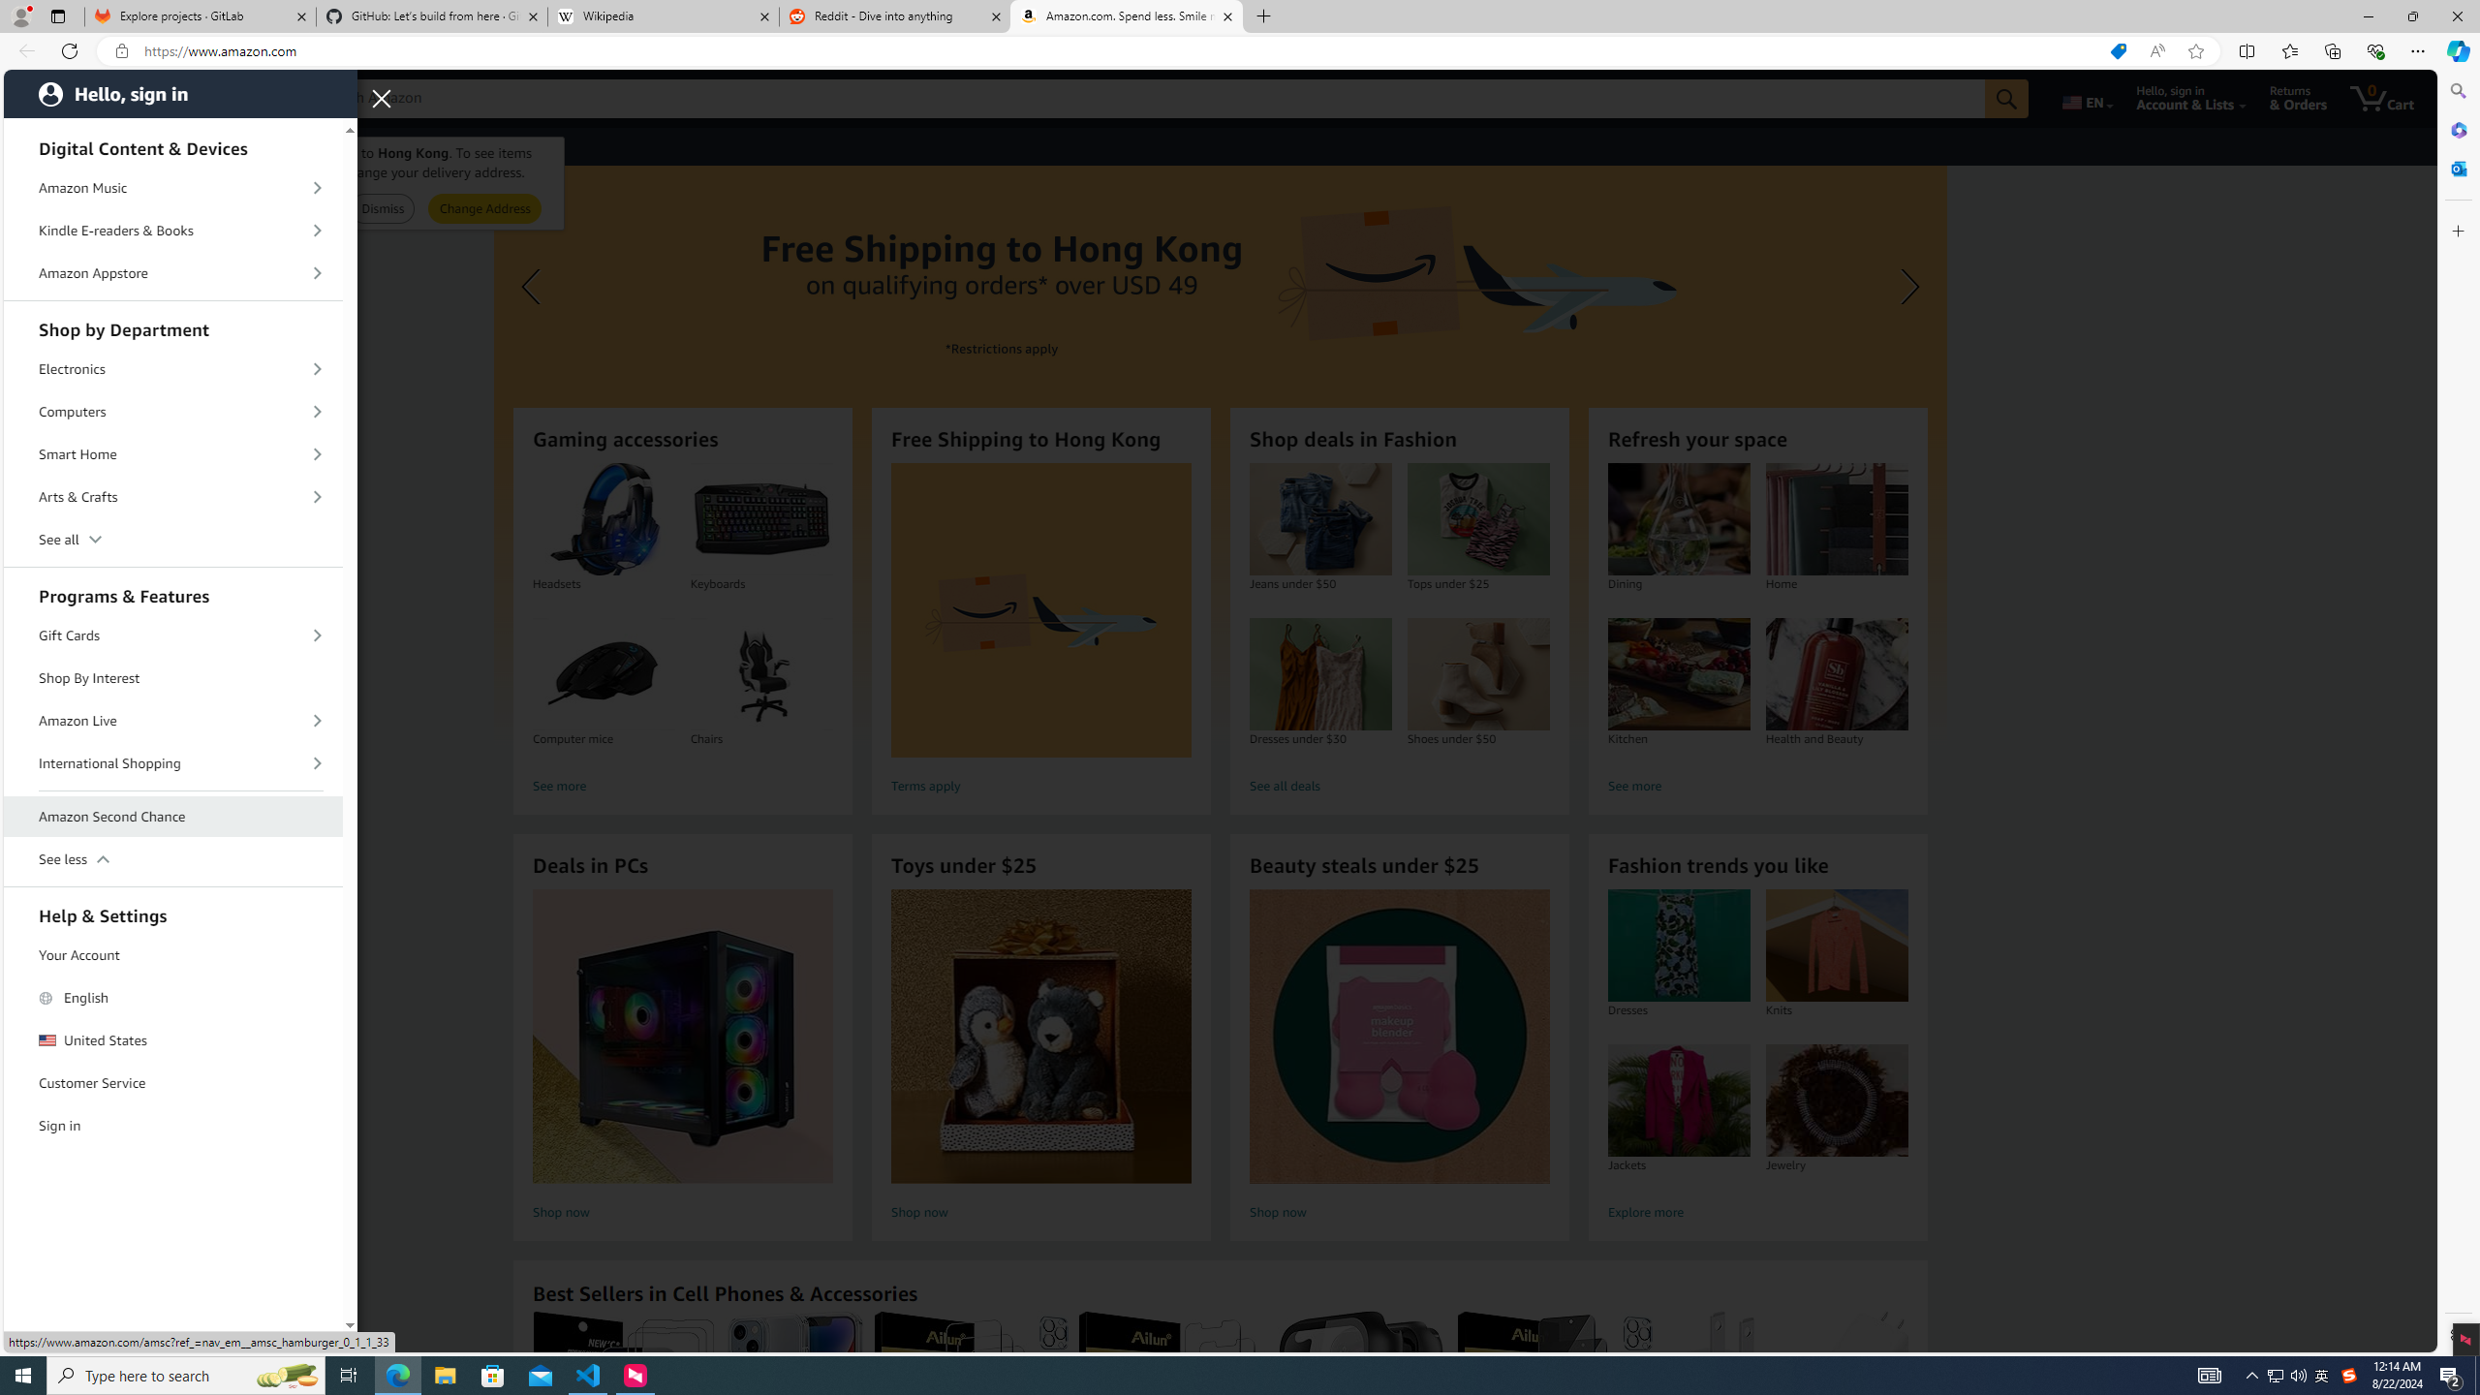  Describe the element at coordinates (173, 763) in the screenshot. I see `'International Shopping'` at that location.